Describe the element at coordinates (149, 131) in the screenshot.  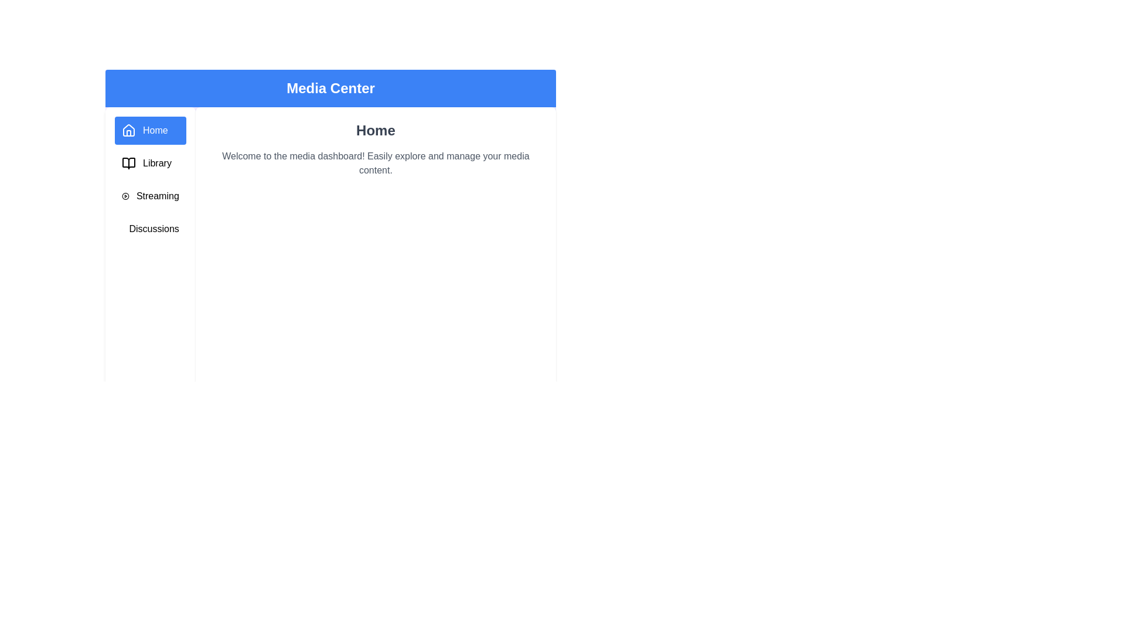
I see `the sidebar item corresponding to Home` at that location.